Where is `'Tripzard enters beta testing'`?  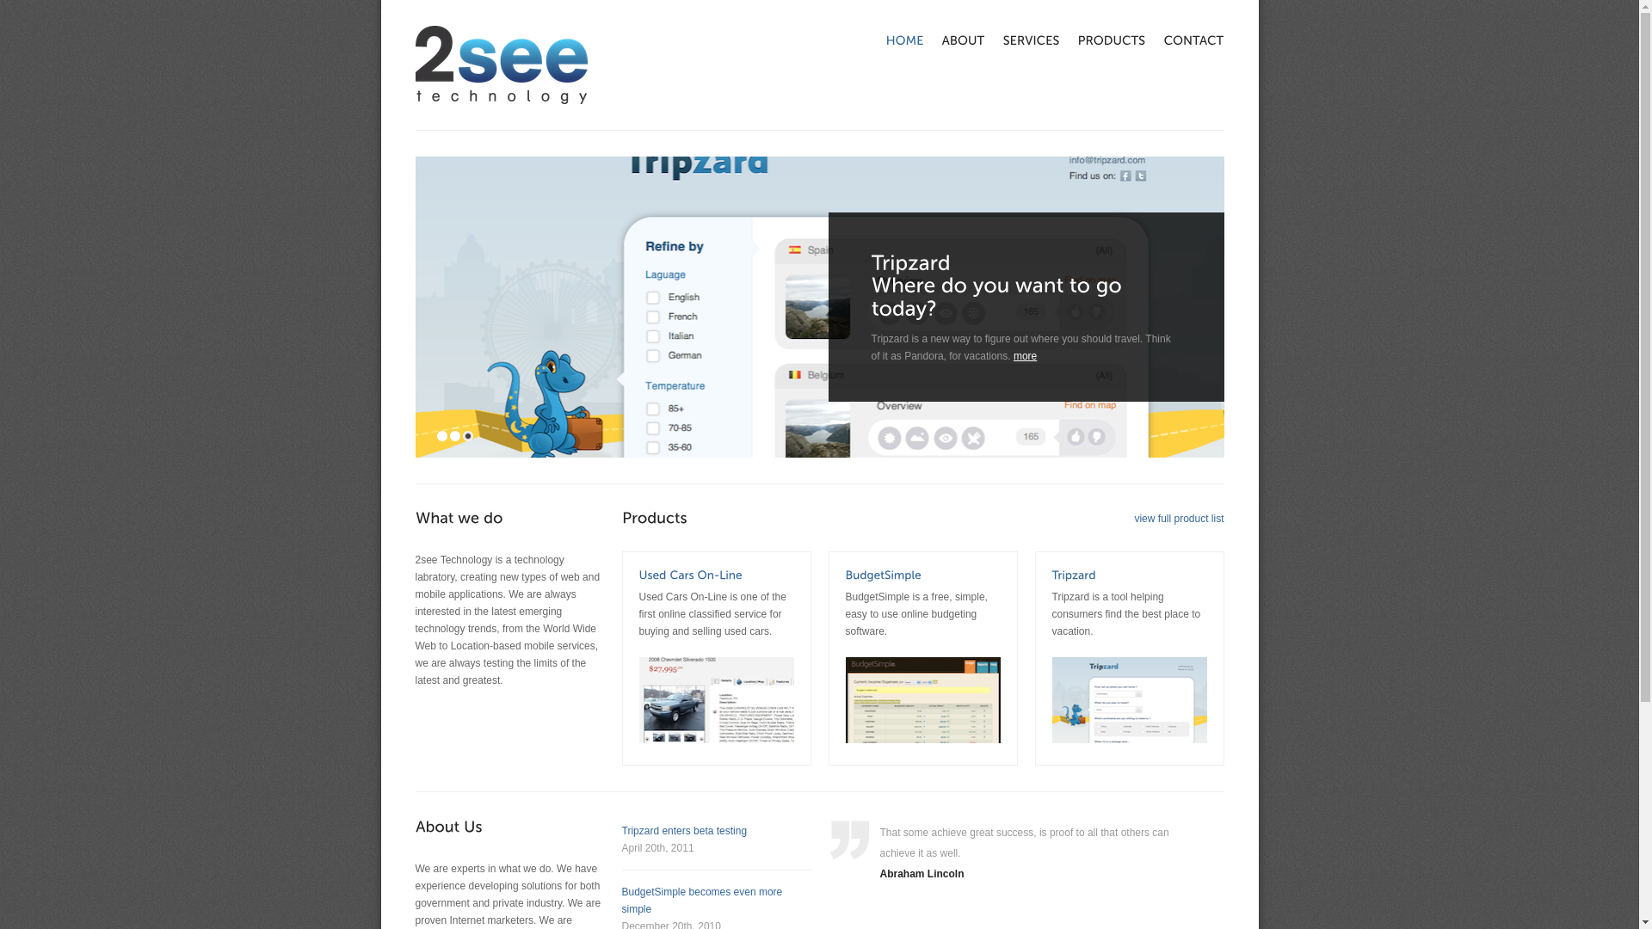 'Tripzard enters beta testing' is located at coordinates (619, 829).